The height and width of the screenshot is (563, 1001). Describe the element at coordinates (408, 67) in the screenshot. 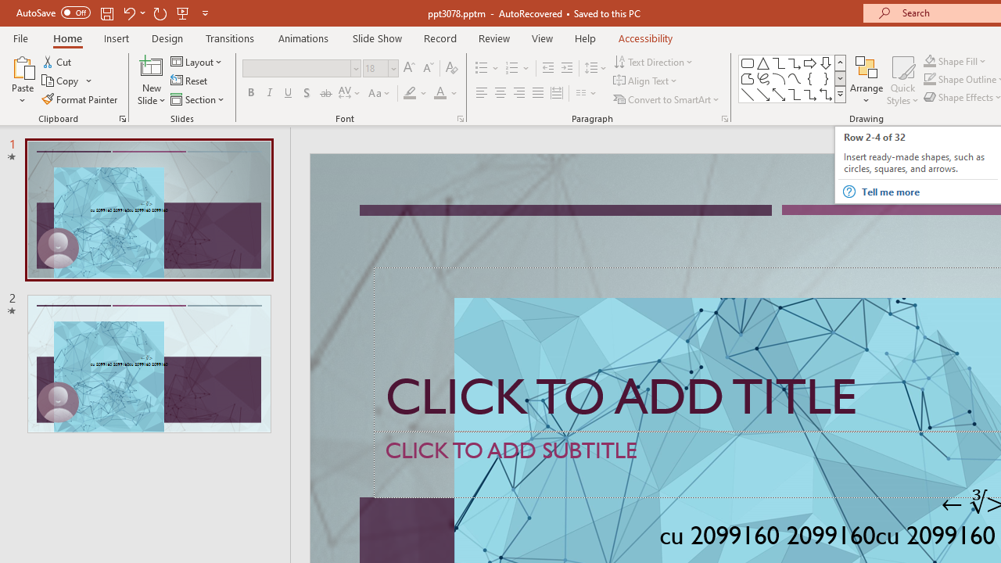

I see `'Increase Font Size'` at that location.